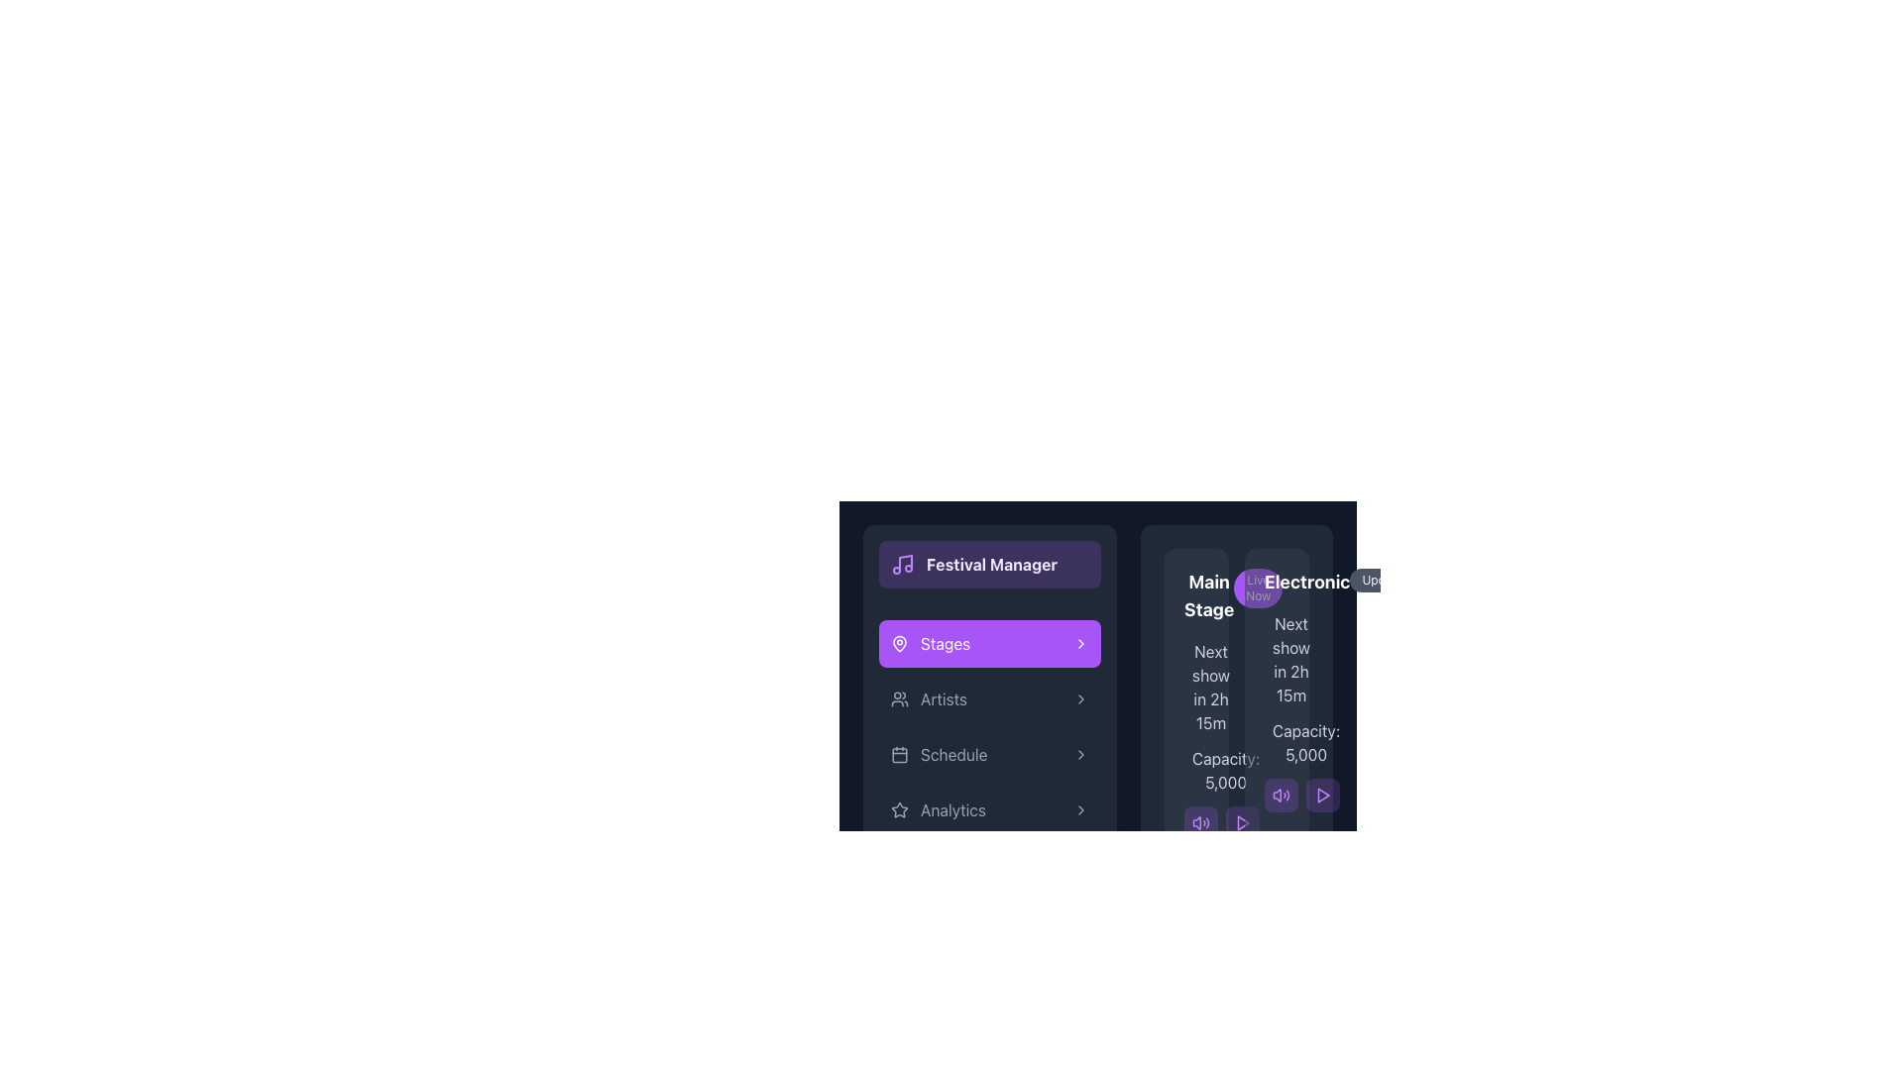 The image size is (1903, 1070). Describe the element at coordinates (945, 644) in the screenshot. I see `the 'Stages' text label, which is styled with a bold sans-serif font in white color on a purple rectangle background` at that location.